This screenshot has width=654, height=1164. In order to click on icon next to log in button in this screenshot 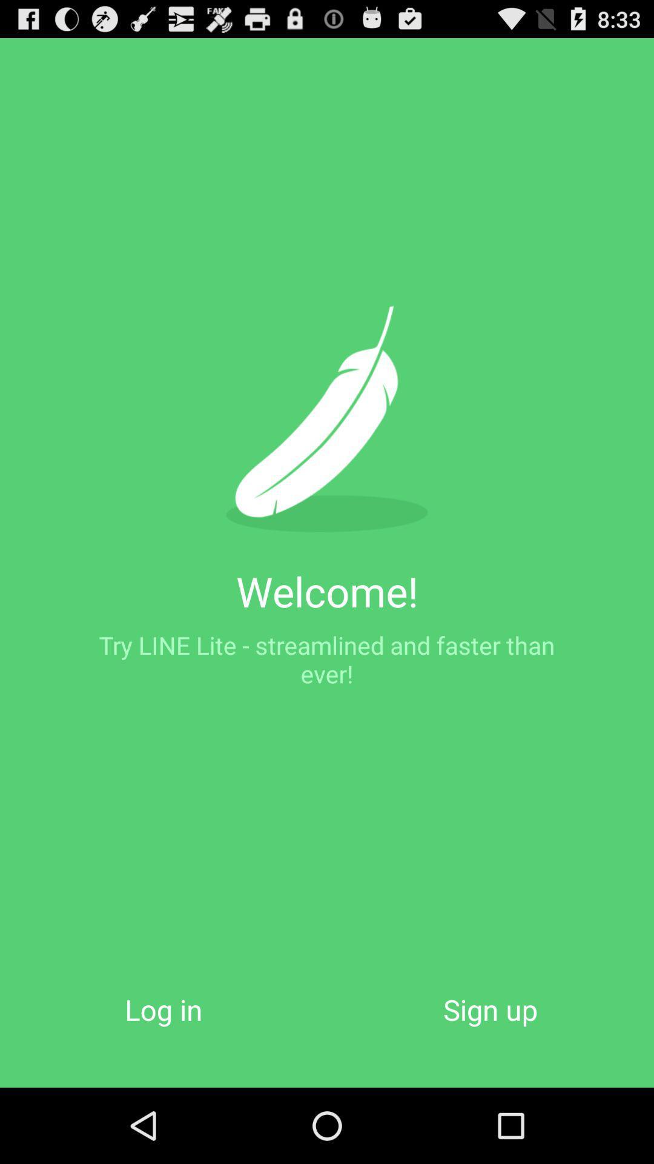, I will do `click(490, 1009)`.